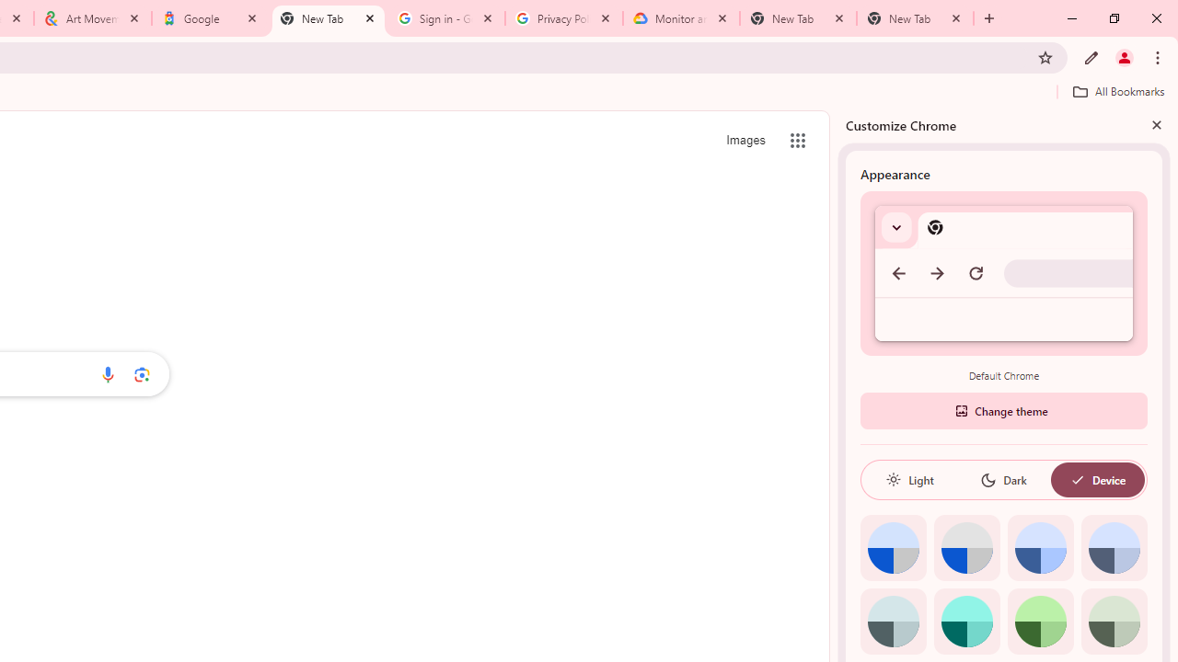 The height and width of the screenshot is (662, 1178). I want to click on 'Viridian', so click(1113, 621).